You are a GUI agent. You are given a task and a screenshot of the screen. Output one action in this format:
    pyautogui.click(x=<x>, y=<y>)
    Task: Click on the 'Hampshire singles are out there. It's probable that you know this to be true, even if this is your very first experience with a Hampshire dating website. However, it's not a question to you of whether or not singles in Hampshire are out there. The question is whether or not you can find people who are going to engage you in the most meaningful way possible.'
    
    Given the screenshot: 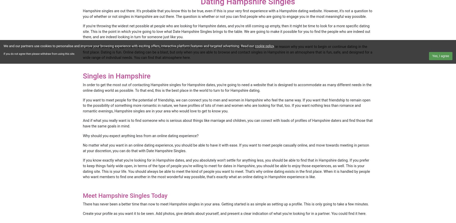 What is the action you would take?
    pyautogui.click(x=227, y=13)
    